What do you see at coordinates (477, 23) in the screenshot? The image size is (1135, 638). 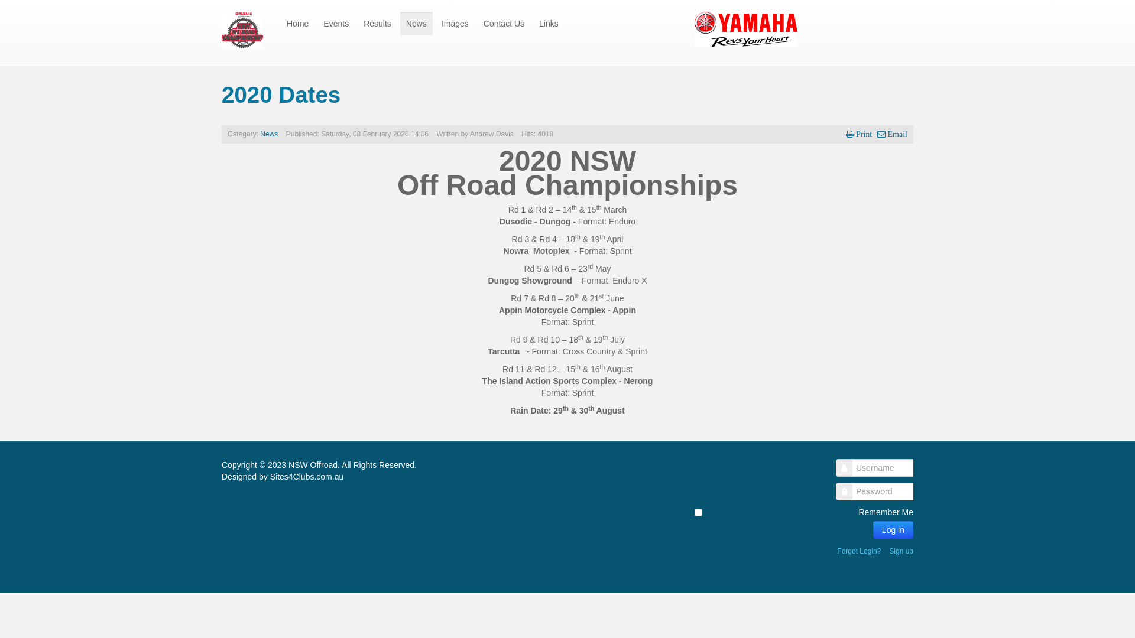 I see `'Contact Us'` at bounding box center [477, 23].